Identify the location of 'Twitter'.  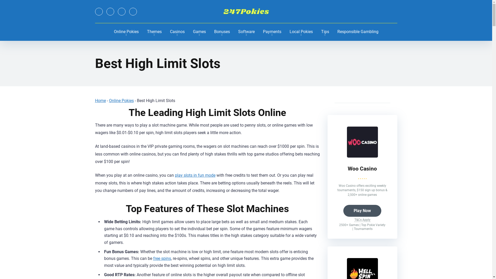
(95, 12).